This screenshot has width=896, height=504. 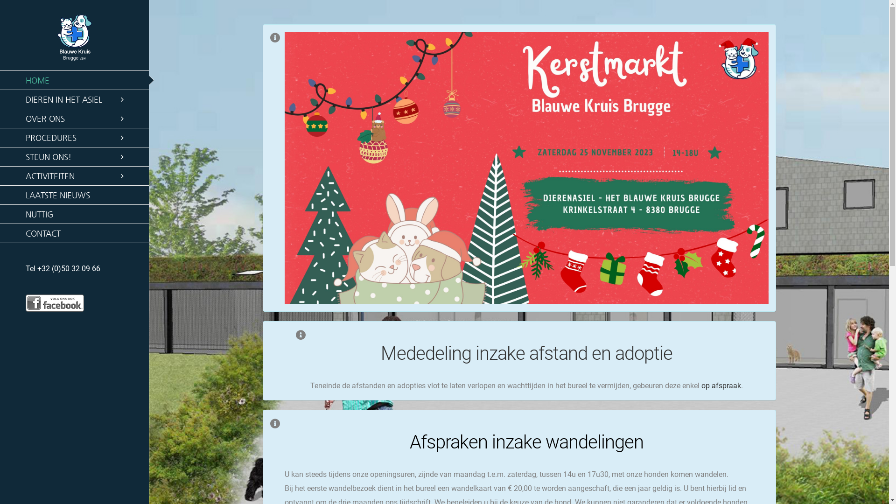 I want to click on 'LAATSTE NIEUWS', so click(x=74, y=195).